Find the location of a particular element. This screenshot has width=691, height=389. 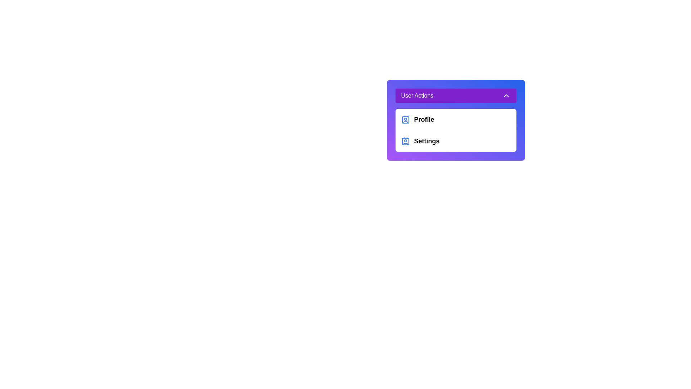

the contact silhouette icon styled within a blue square frame, which is positioned to the left of the 'Settings' label in the dropdown menu under 'User Actions' is located at coordinates (405, 141).